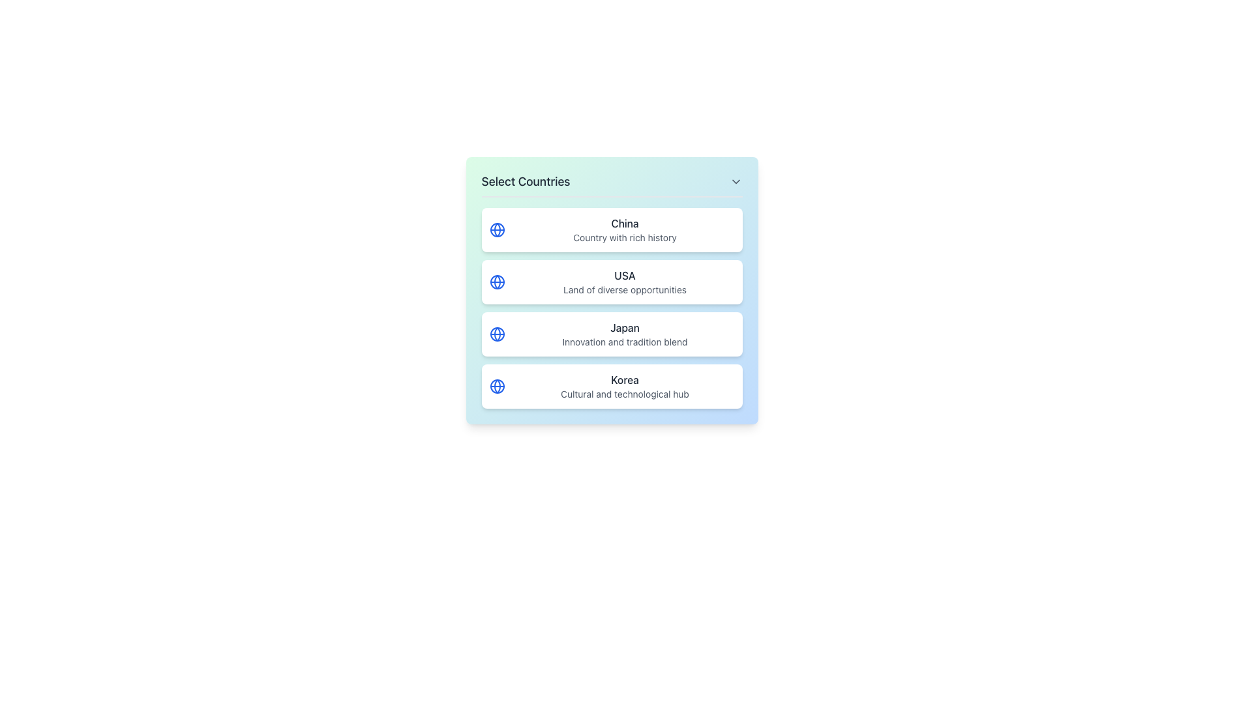 The width and height of the screenshot is (1252, 704). I want to click on the 'Select Countries' dropdown button, so click(611, 185).